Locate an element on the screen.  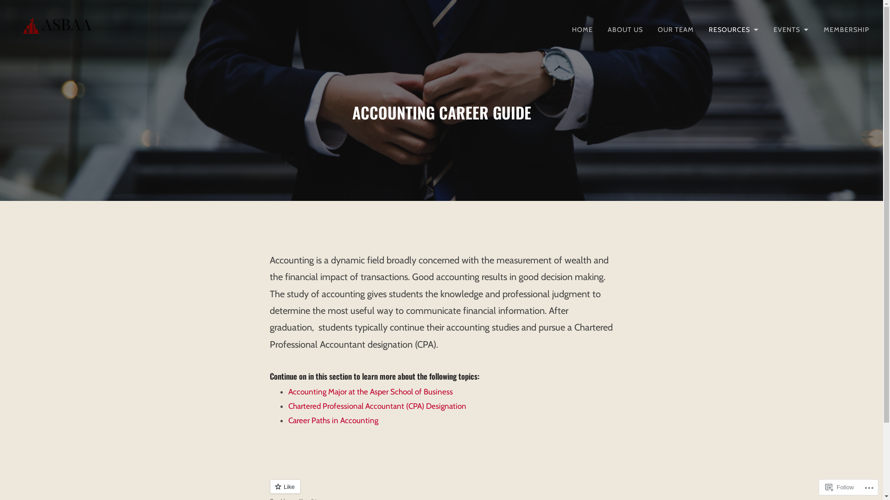
'RESOURCES' is located at coordinates (733, 29).